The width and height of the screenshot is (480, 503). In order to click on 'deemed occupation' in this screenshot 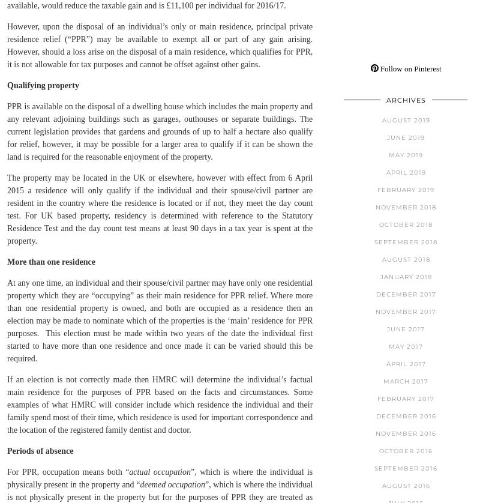, I will do `click(172, 483)`.